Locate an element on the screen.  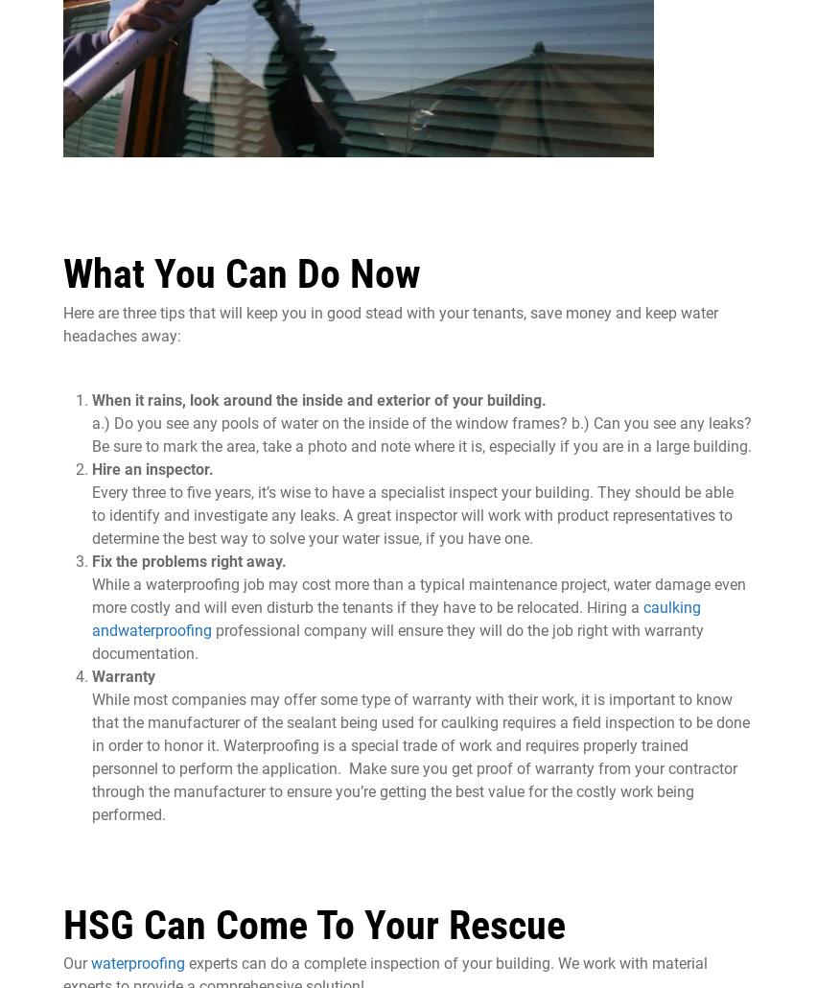
'and investigate any leaks' is located at coordinates (247, 514).